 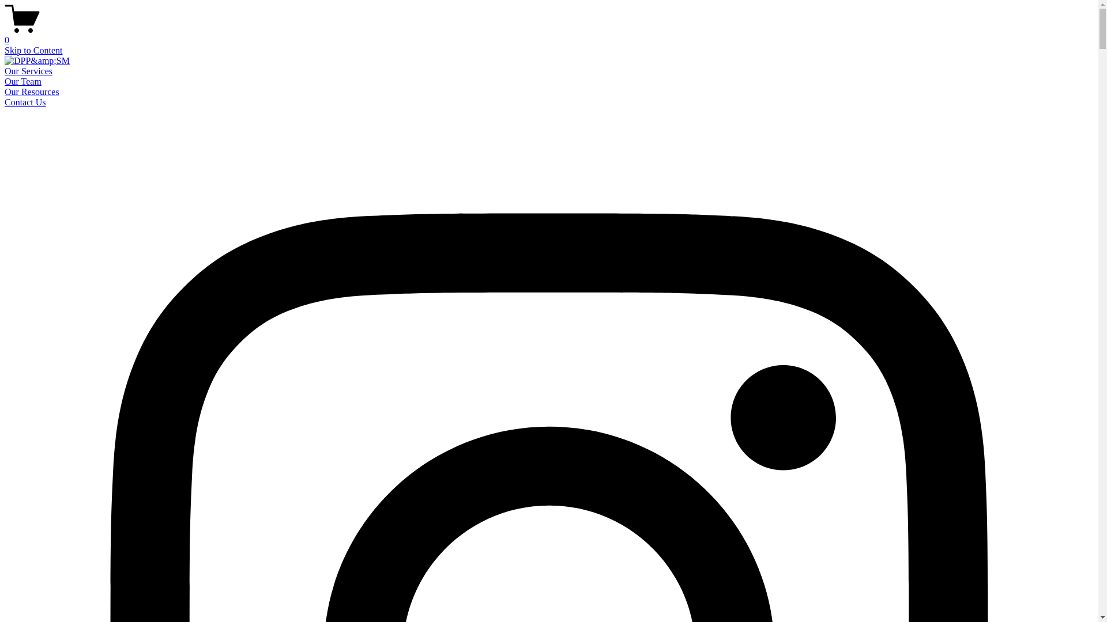 I want to click on 'Skip to Content', so click(x=33, y=50).